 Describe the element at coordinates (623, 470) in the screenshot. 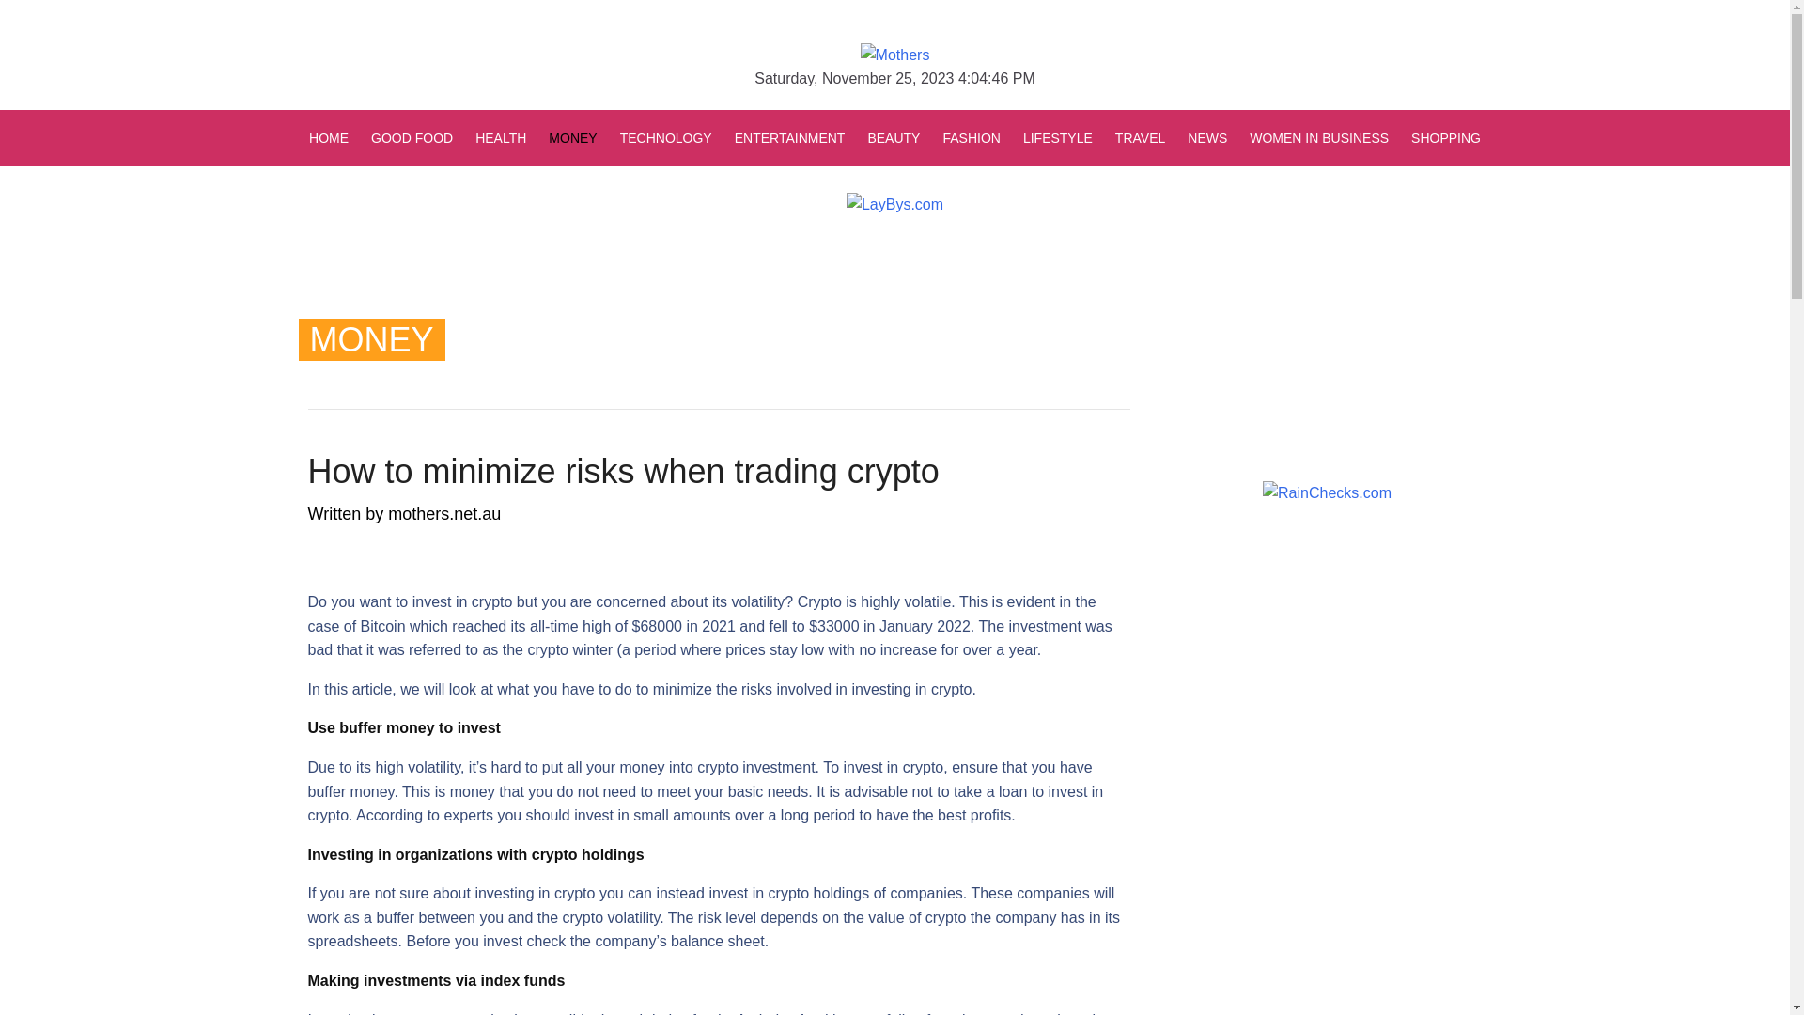

I see `'How to minimize risks when trading crypto'` at that location.